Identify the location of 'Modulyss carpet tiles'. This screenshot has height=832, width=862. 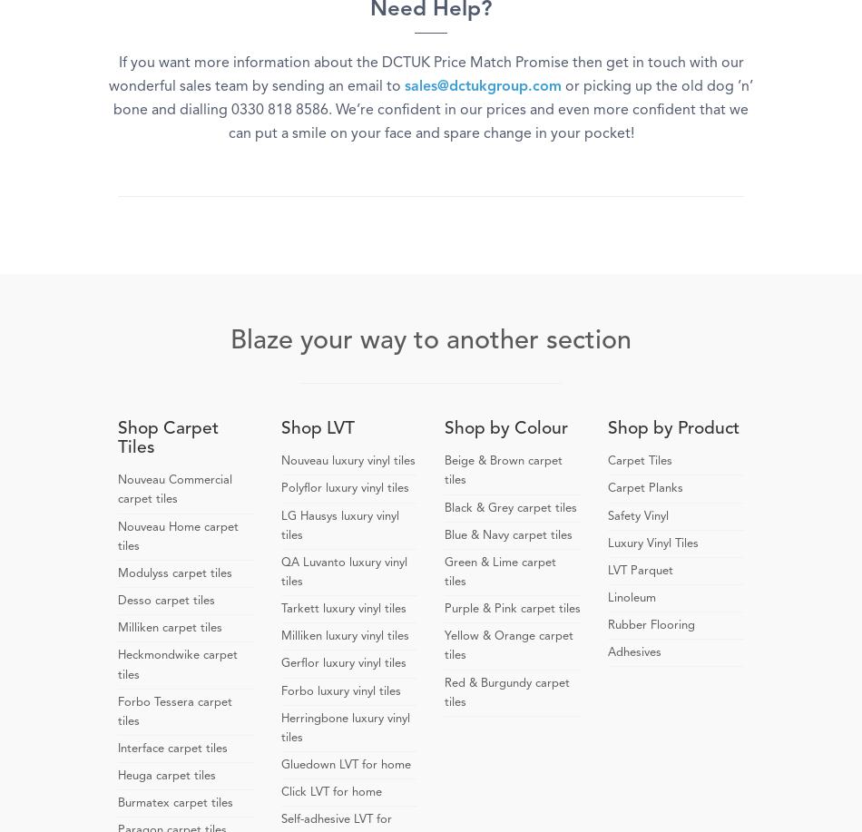
(117, 572).